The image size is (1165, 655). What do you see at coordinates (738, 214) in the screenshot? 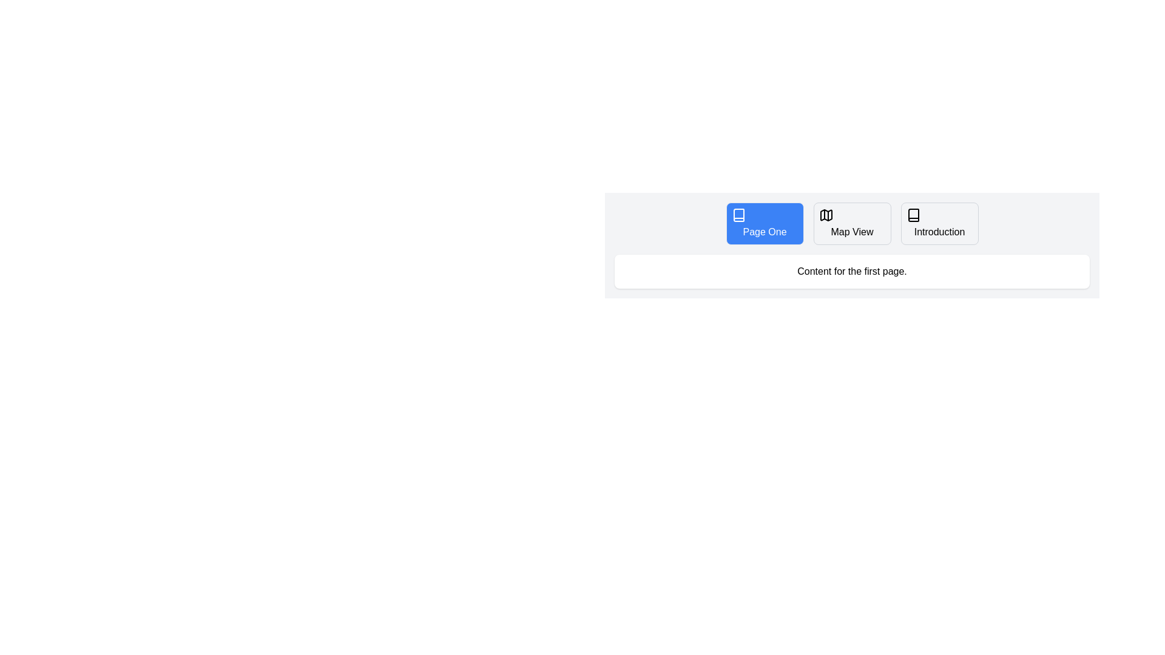
I see `the 'Page One' button which contains the decorative icon serving as an indicative representation for user navigation` at bounding box center [738, 214].